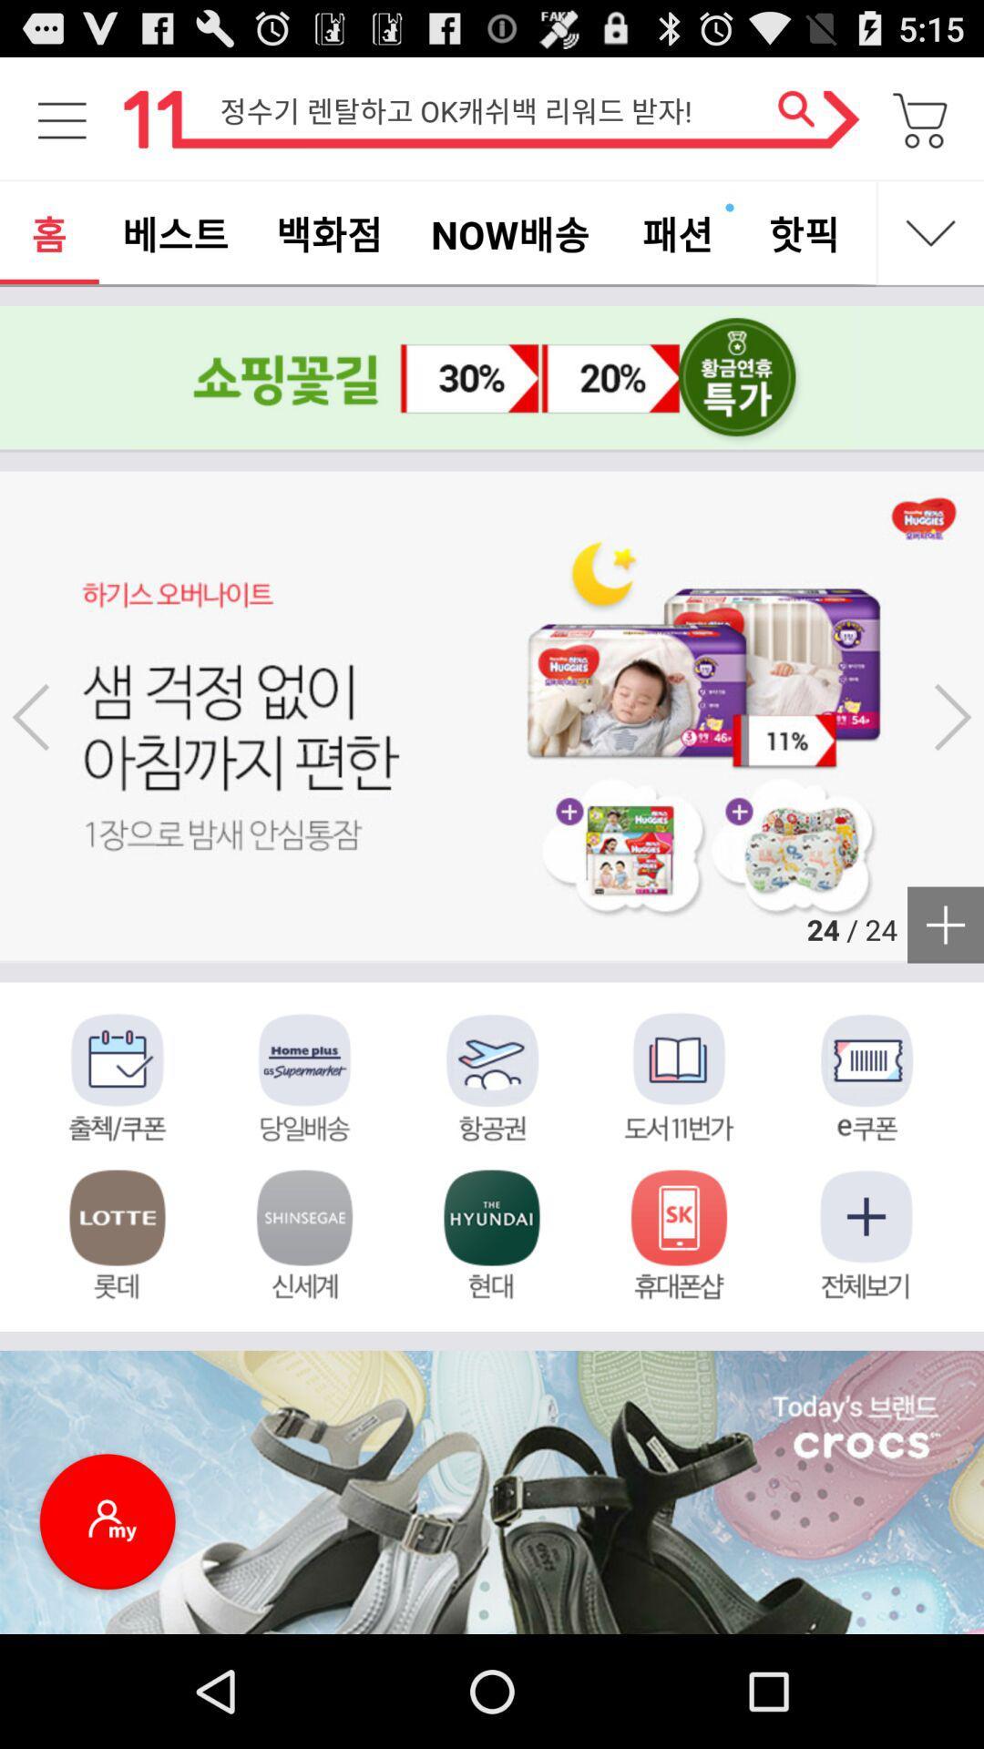 Image resolution: width=984 pixels, height=1749 pixels. Describe the element at coordinates (921, 127) in the screenshot. I see `the cart icon` at that location.